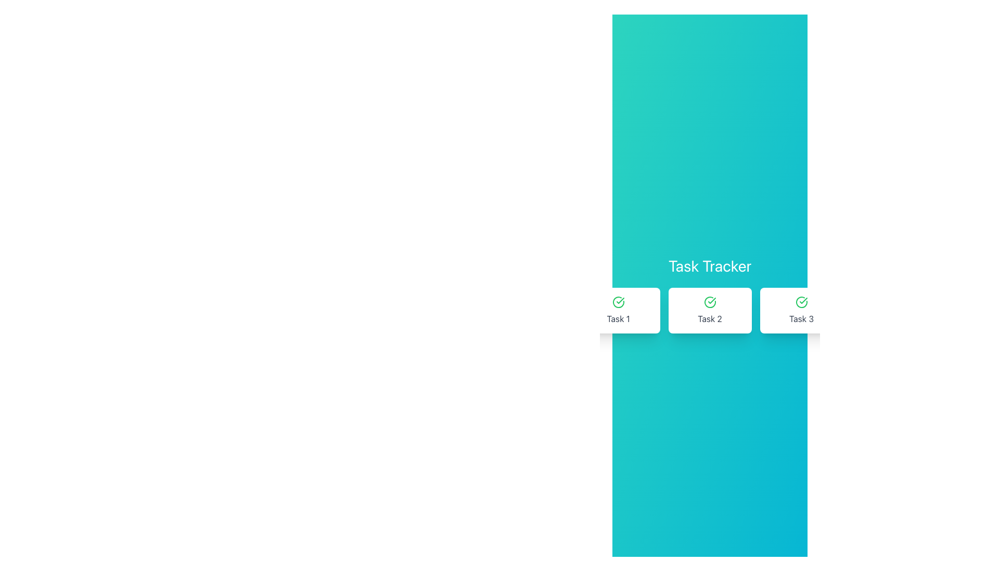 The width and height of the screenshot is (999, 561). Describe the element at coordinates (803, 300) in the screenshot. I see `the circular icon indicating task completion located in the second card of the horizontal list of task cards` at that location.